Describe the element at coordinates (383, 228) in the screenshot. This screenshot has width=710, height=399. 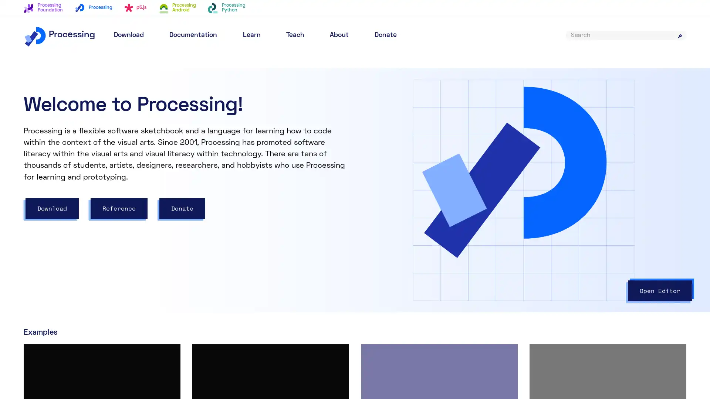
I see `line` at that location.